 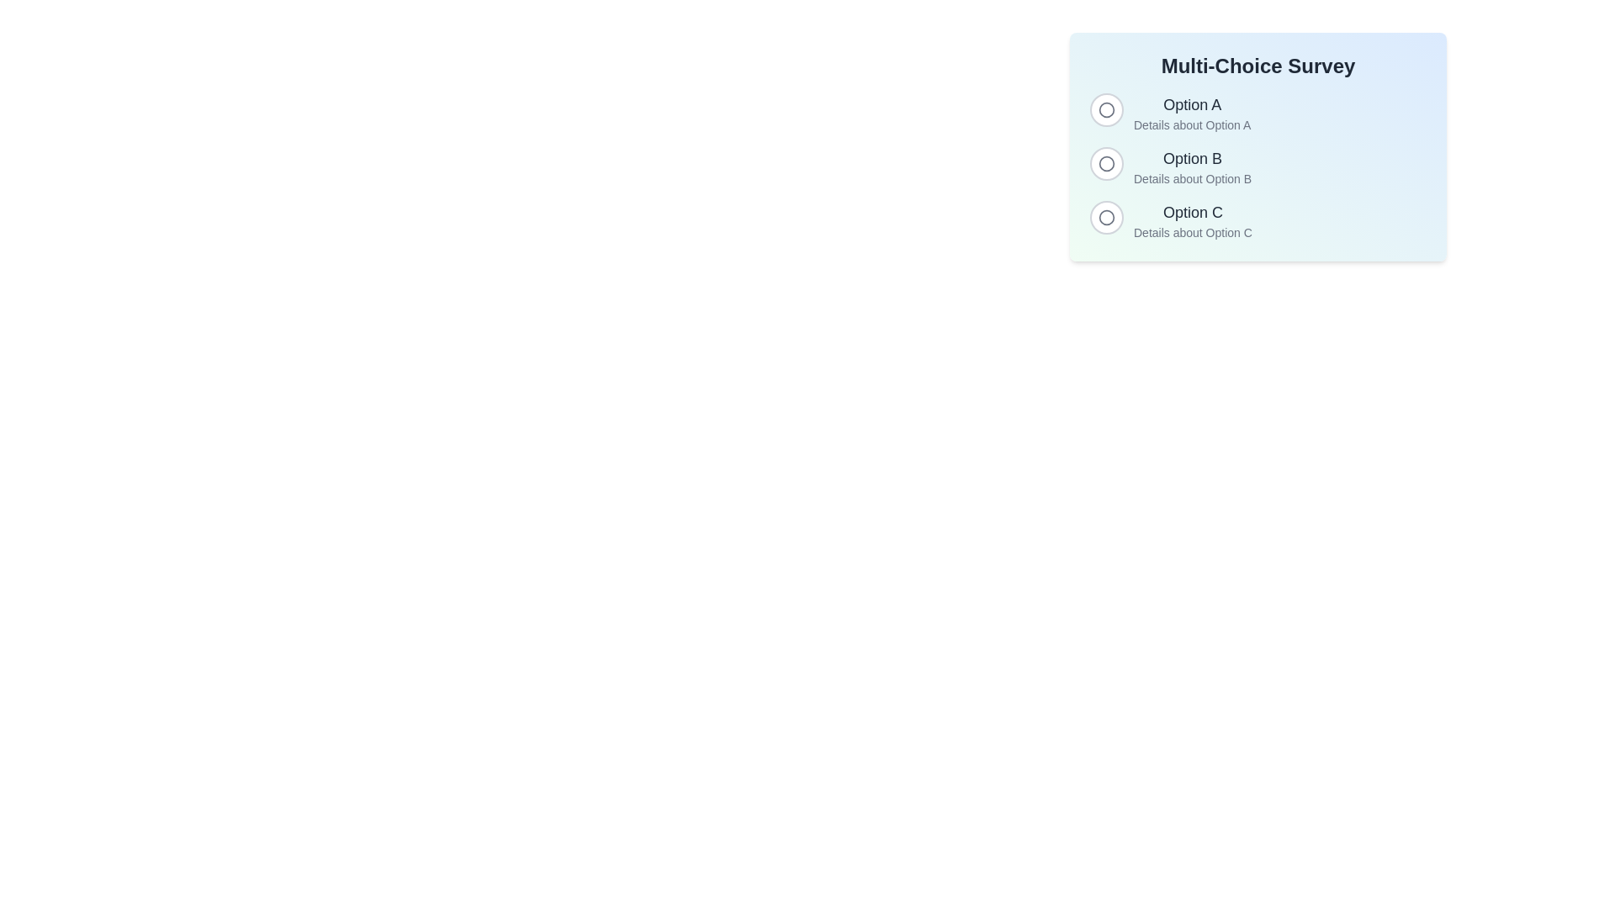 I want to click on the radio button labeled 'Option B', so click(x=1106, y=164).